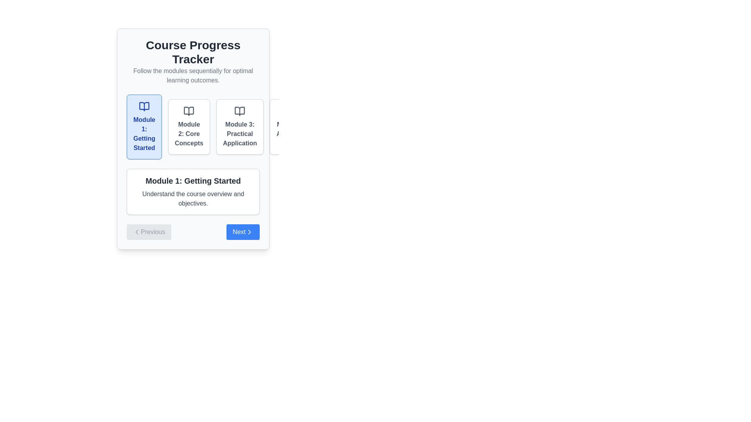 The height and width of the screenshot is (422, 751). Describe the element at coordinates (193, 191) in the screenshot. I see `the informational card that provides details about 'Module 1: Getting Started', which is positioned centrally in the card section below the module cards` at that location.